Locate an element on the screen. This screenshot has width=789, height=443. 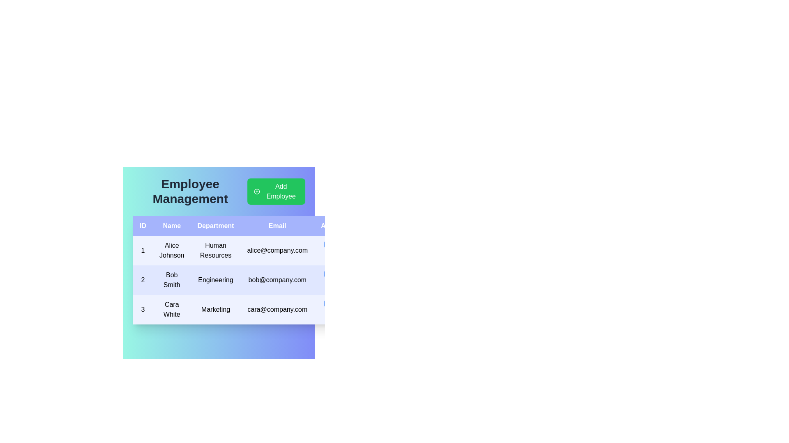
the text displaying the email address 'alice@company.com' in the 'Email' column of the employee details table is located at coordinates (277, 250).